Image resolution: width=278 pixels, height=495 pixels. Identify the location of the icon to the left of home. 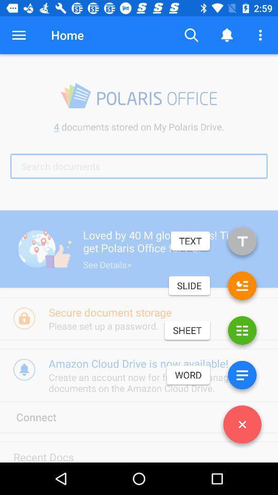
(19, 35).